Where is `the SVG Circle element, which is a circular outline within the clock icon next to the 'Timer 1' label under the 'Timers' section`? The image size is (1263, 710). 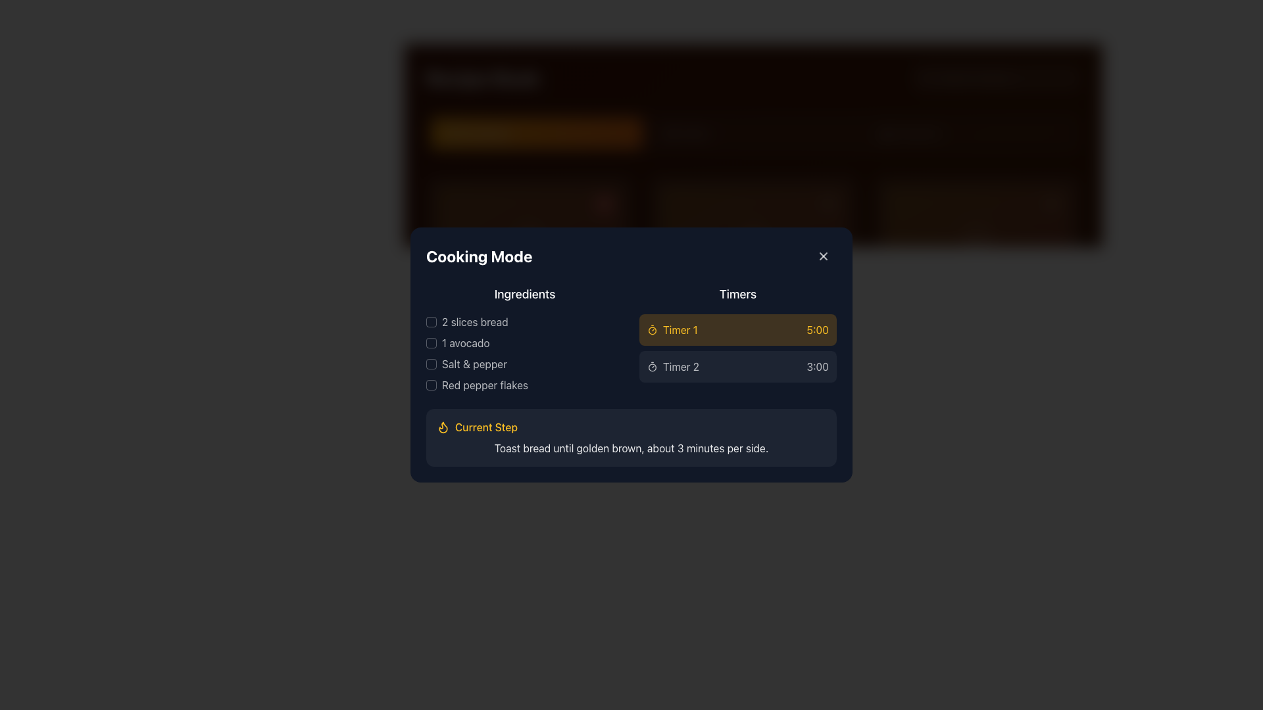 the SVG Circle element, which is a circular outline within the clock icon next to the 'Timer 1' label under the 'Timers' section is located at coordinates (441, 331).